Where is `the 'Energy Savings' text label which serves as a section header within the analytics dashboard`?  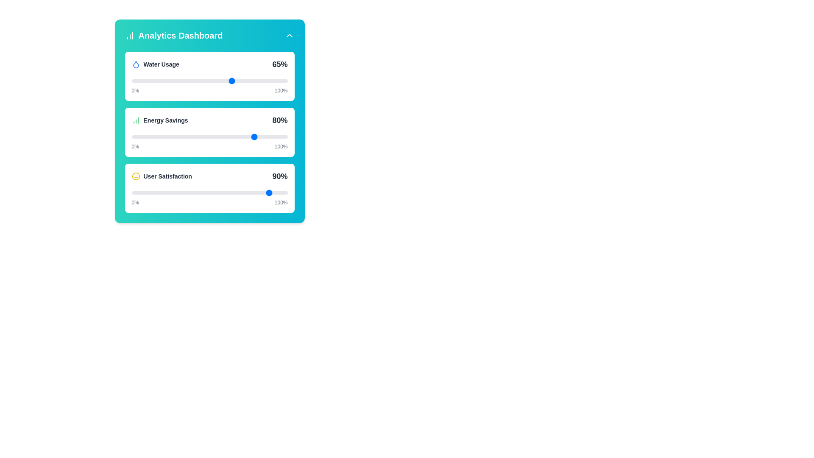
the 'Energy Savings' text label which serves as a section header within the analytics dashboard is located at coordinates (166, 120).